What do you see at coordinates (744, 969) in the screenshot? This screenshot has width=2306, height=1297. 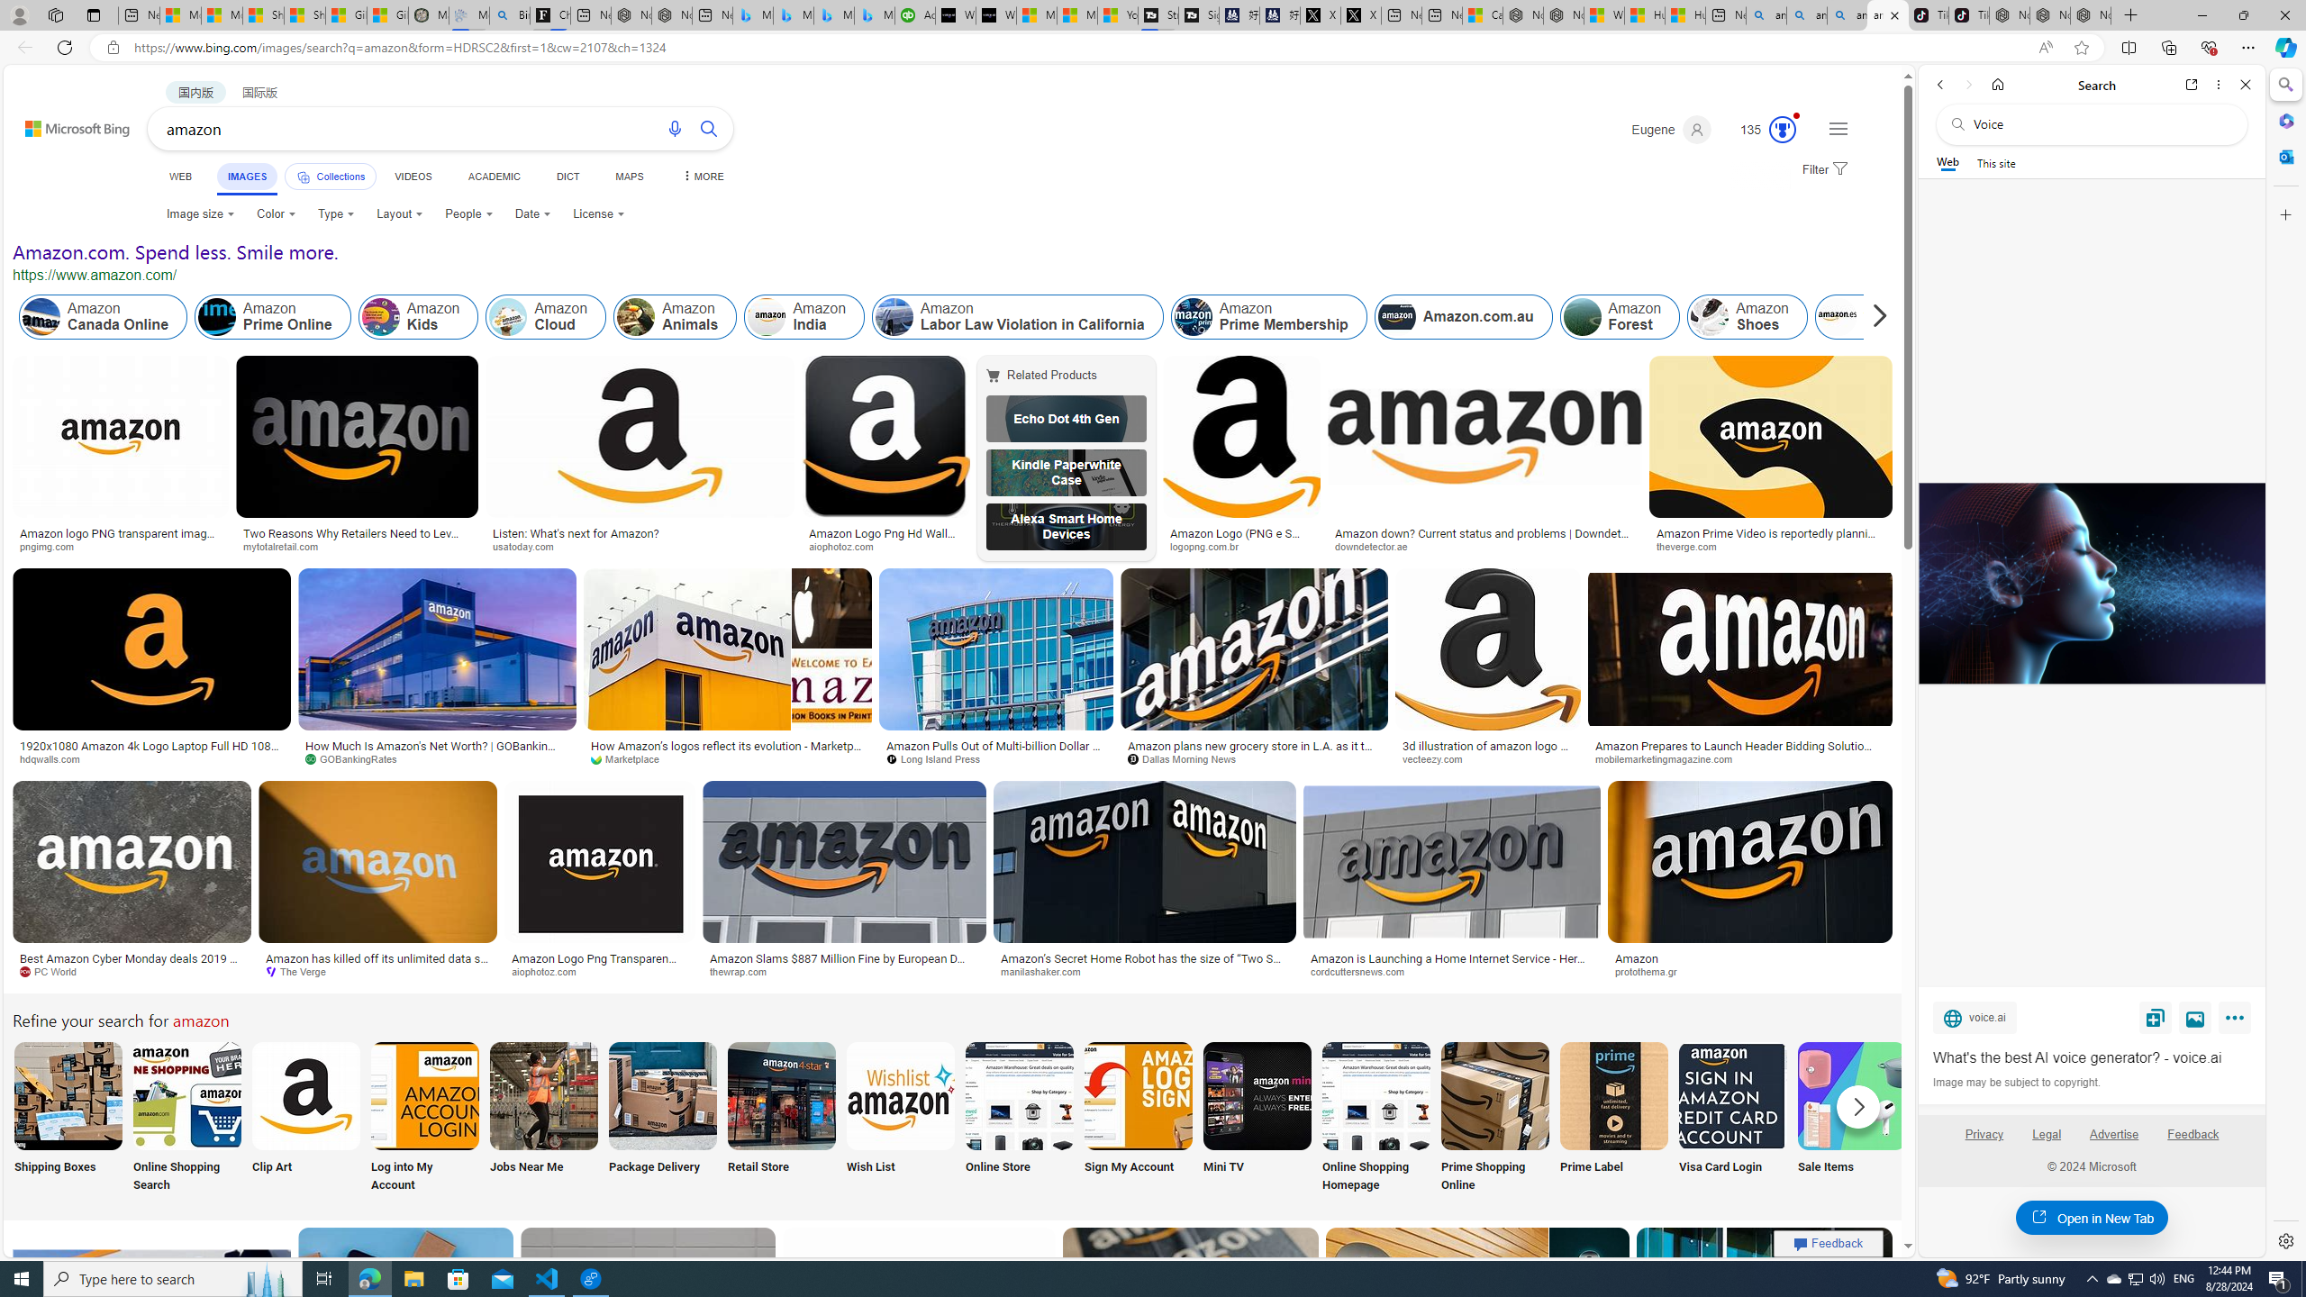 I see `'thewrap.com'` at bounding box center [744, 969].